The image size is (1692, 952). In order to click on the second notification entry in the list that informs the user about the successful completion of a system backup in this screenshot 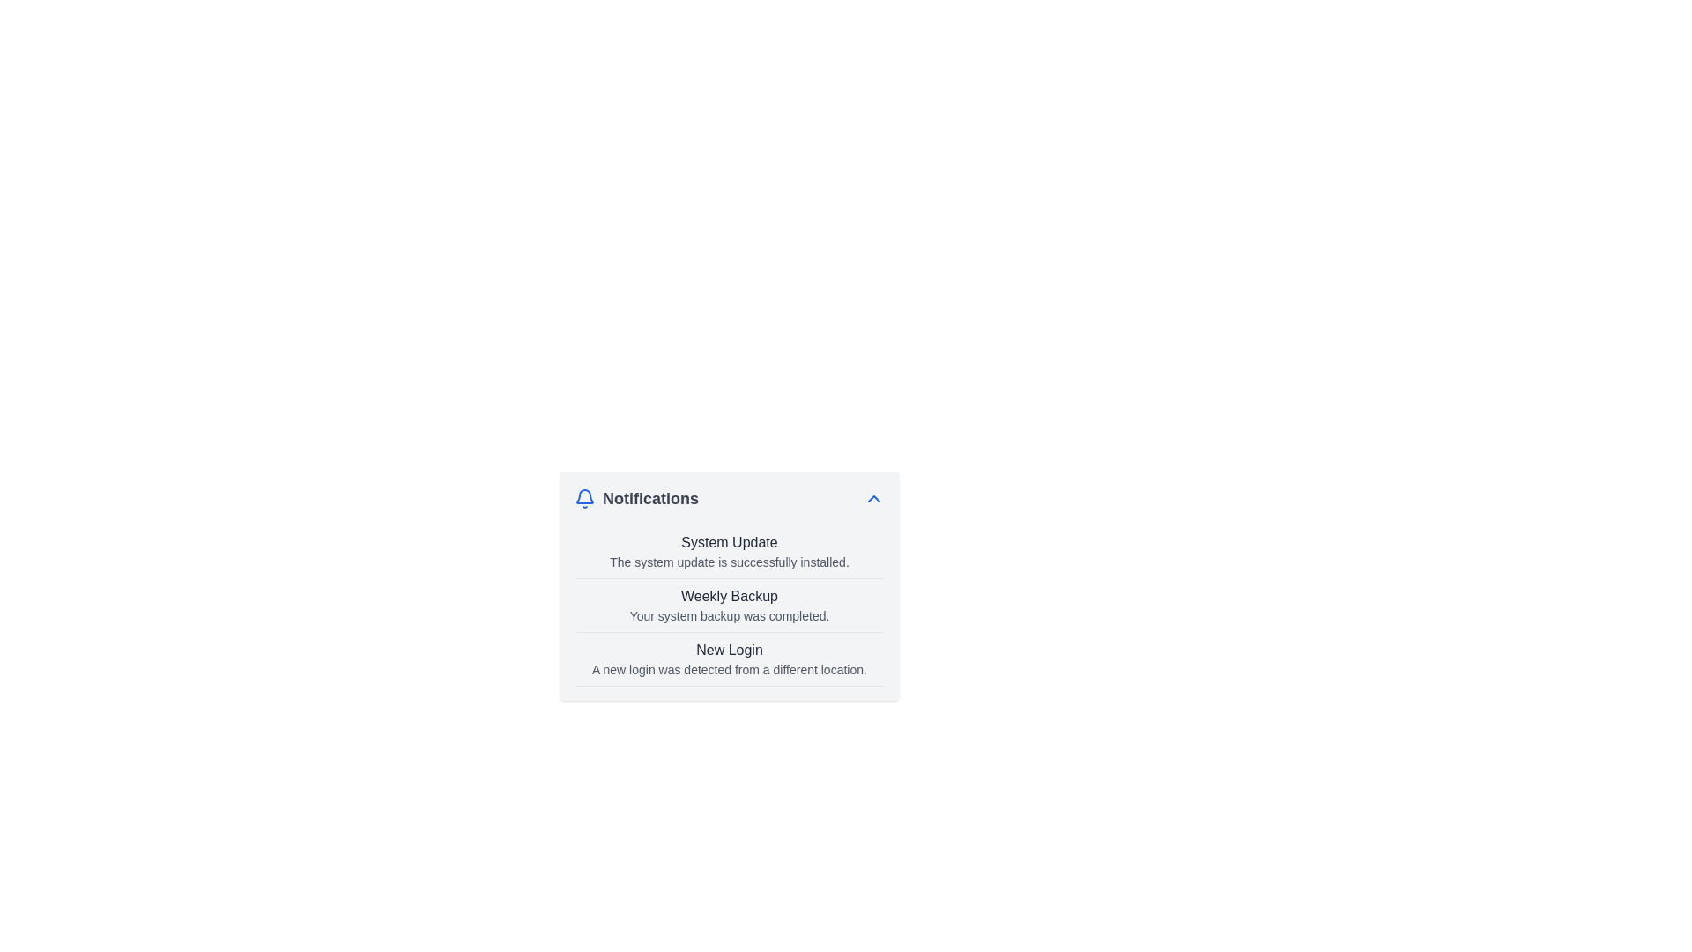, I will do `click(730, 605)`.